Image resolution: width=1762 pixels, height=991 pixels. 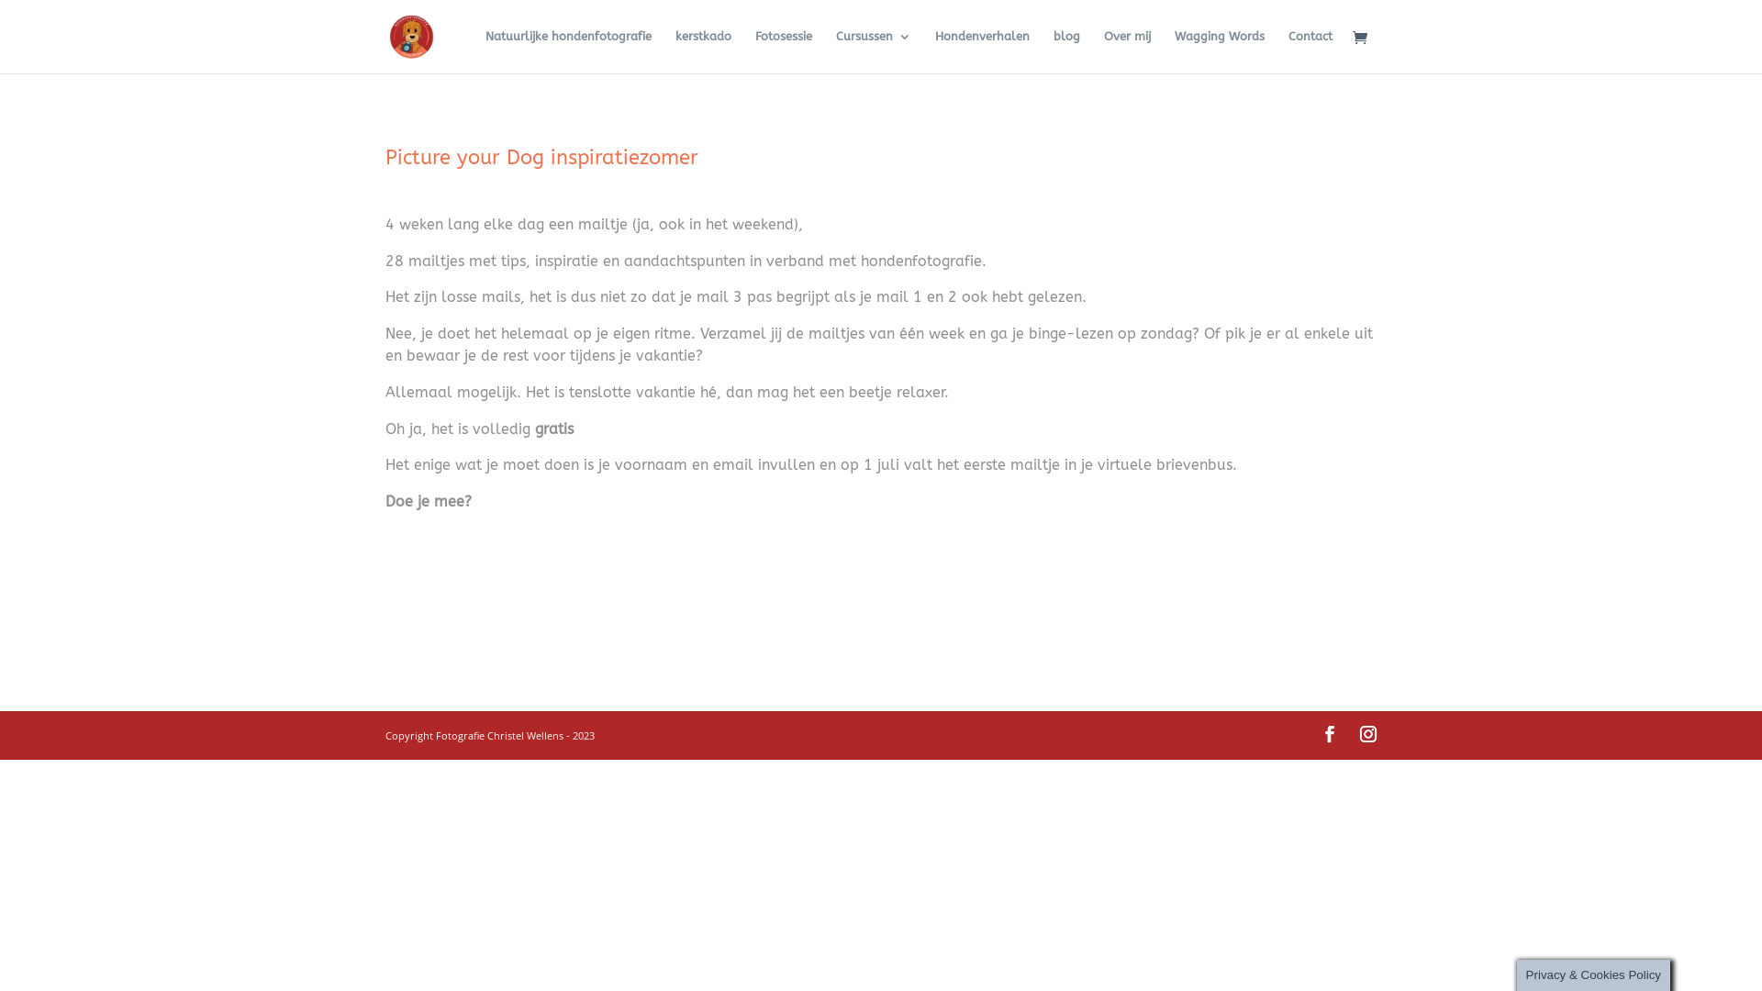 I want to click on 'kerstkado', so click(x=702, y=50).